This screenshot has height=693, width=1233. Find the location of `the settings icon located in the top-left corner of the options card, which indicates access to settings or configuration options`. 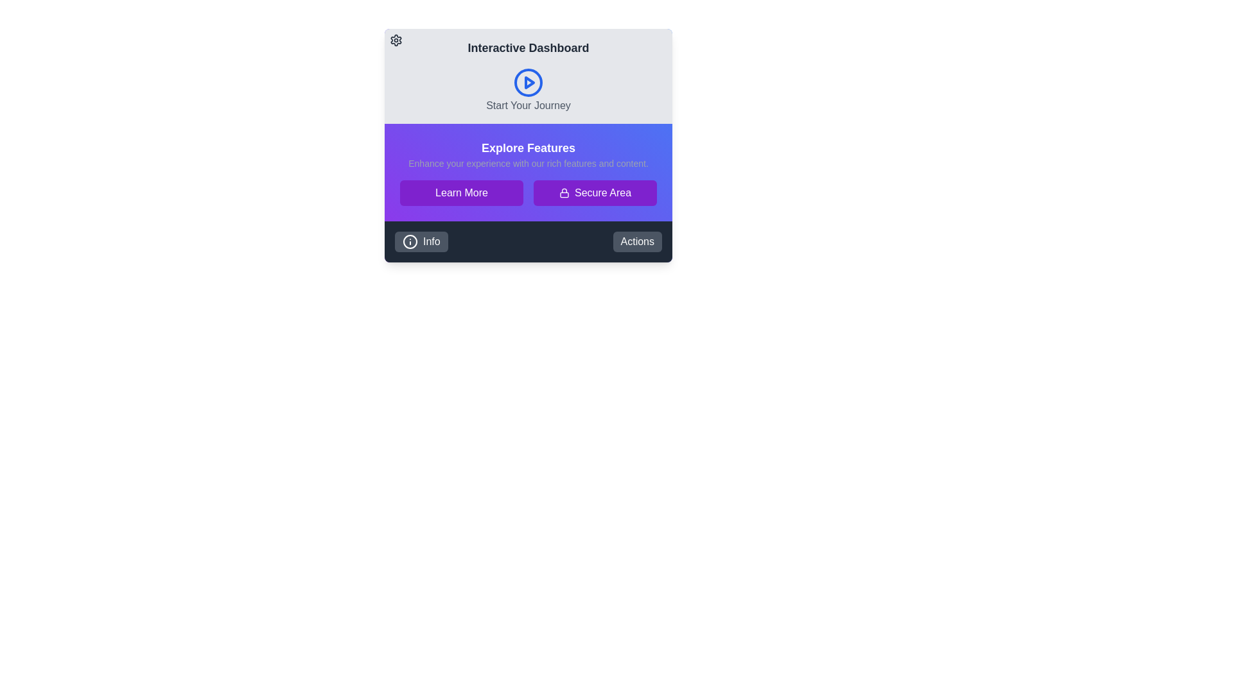

the settings icon located in the top-left corner of the options card, which indicates access to settings or configuration options is located at coordinates (396, 39).